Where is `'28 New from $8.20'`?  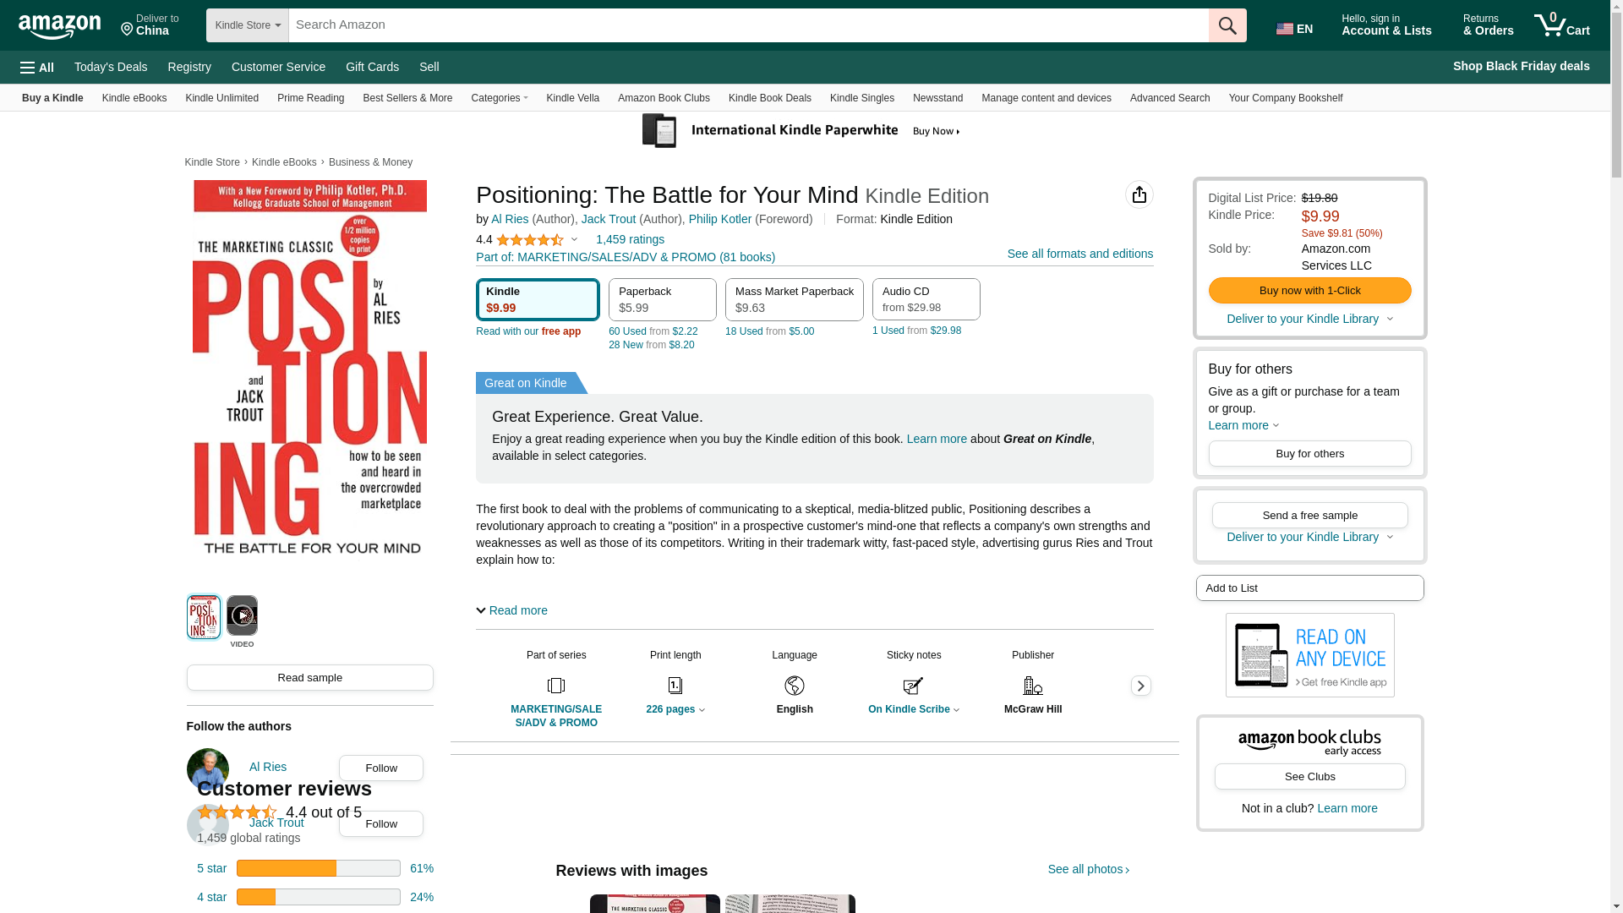 '28 New from $8.20' is located at coordinates (609, 344).